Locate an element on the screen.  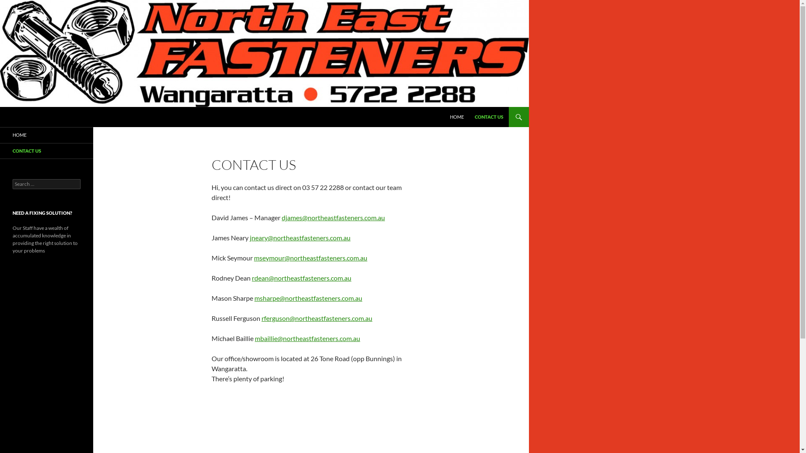
'mseymour@northeastfasteners.com.au' is located at coordinates (310, 257).